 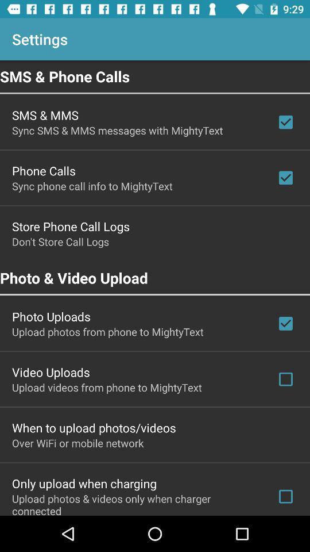 What do you see at coordinates (285, 324) in the screenshot?
I see `the check box which is after photo uploads on the page` at bounding box center [285, 324].